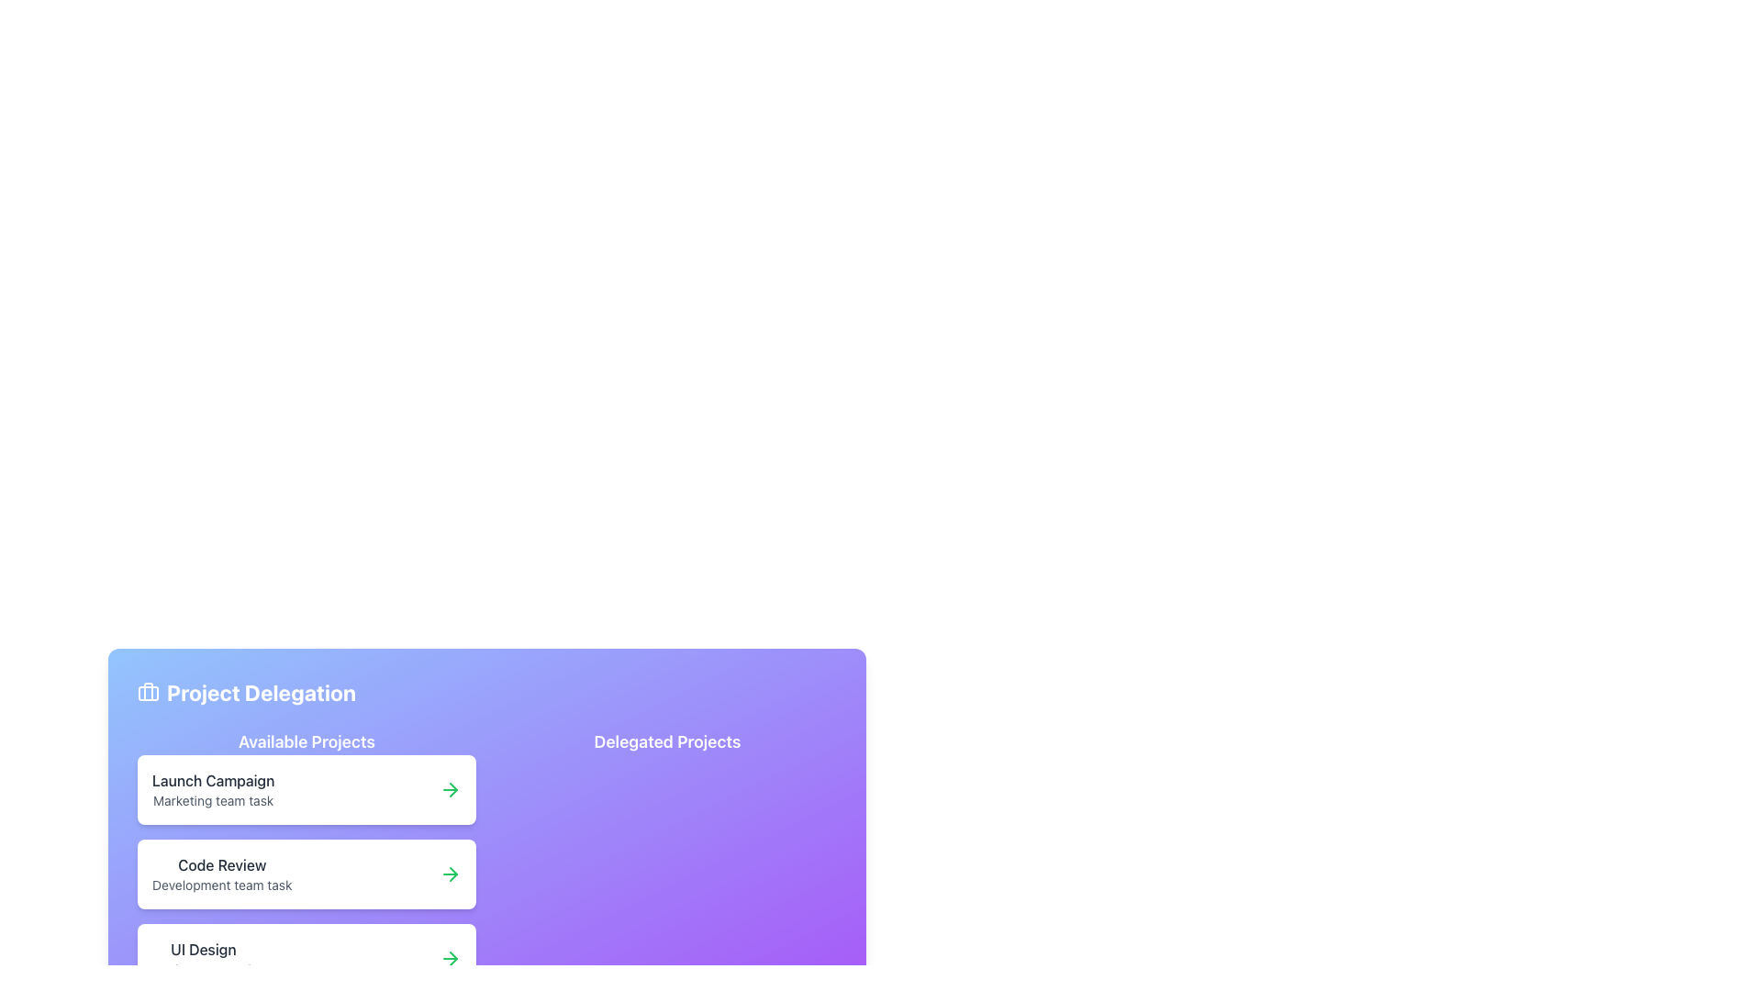 The height and width of the screenshot is (991, 1762). What do you see at coordinates (149, 691) in the screenshot?
I see `the vertical bar located within the central area of the briefcase-shaped icon, which is positioned to the left of the text 'Project Delegation'` at bounding box center [149, 691].